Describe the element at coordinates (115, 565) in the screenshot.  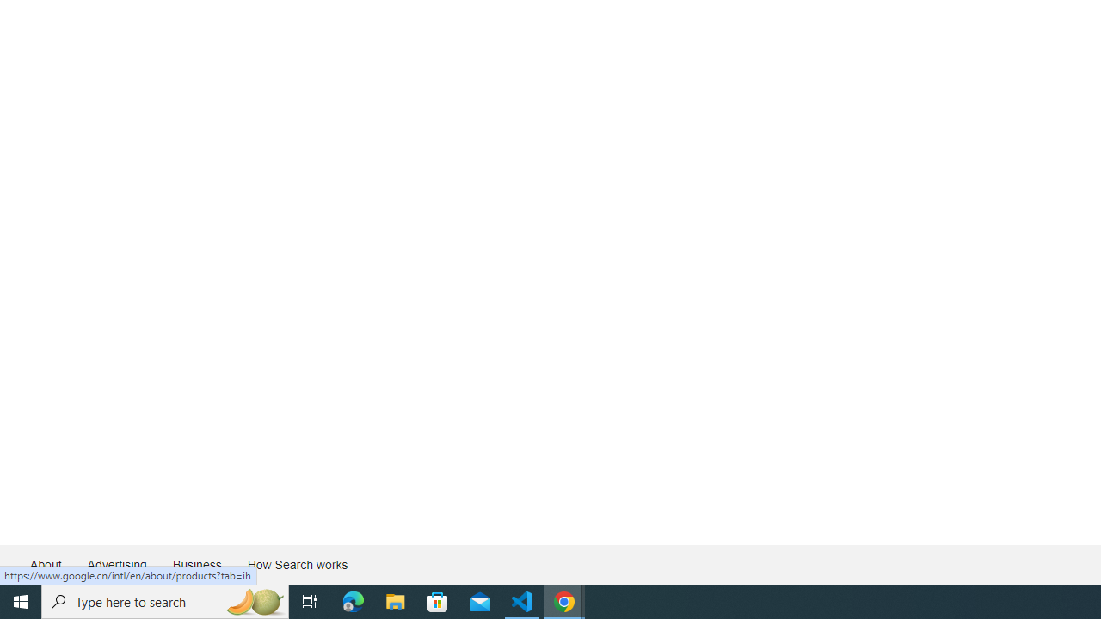
I see `'Advertising'` at that location.